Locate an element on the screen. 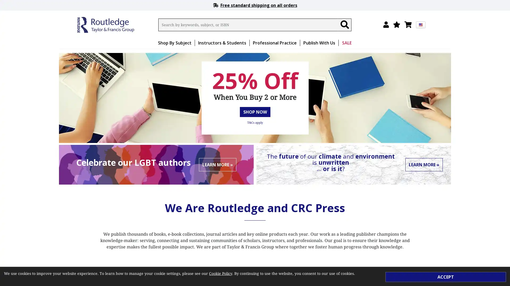  Search is located at coordinates (344, 25).